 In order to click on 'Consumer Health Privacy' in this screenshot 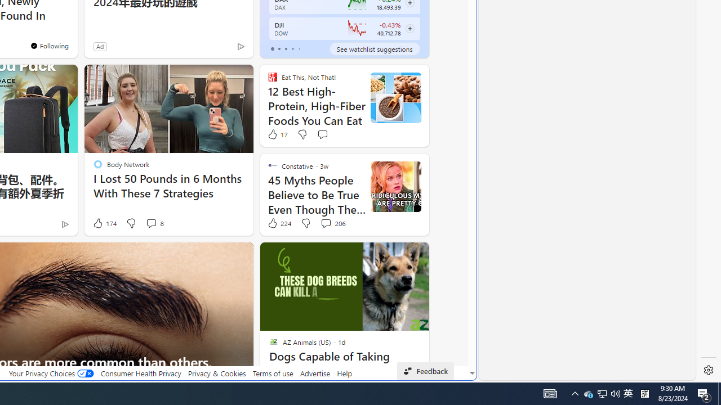, I will do `click(140, 373)`.